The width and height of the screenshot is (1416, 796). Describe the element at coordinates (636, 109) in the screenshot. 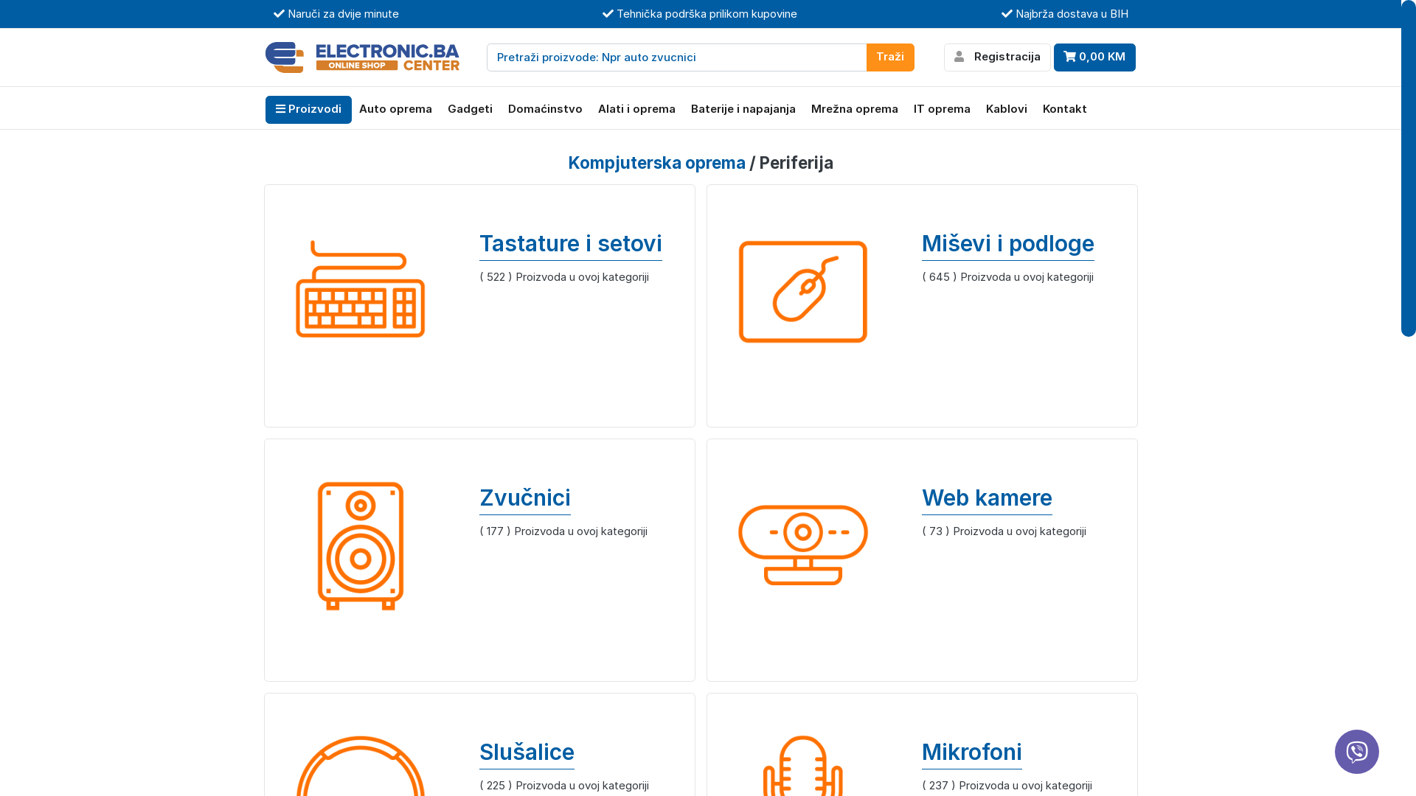

I see `'Alati i oprema'` at that location.